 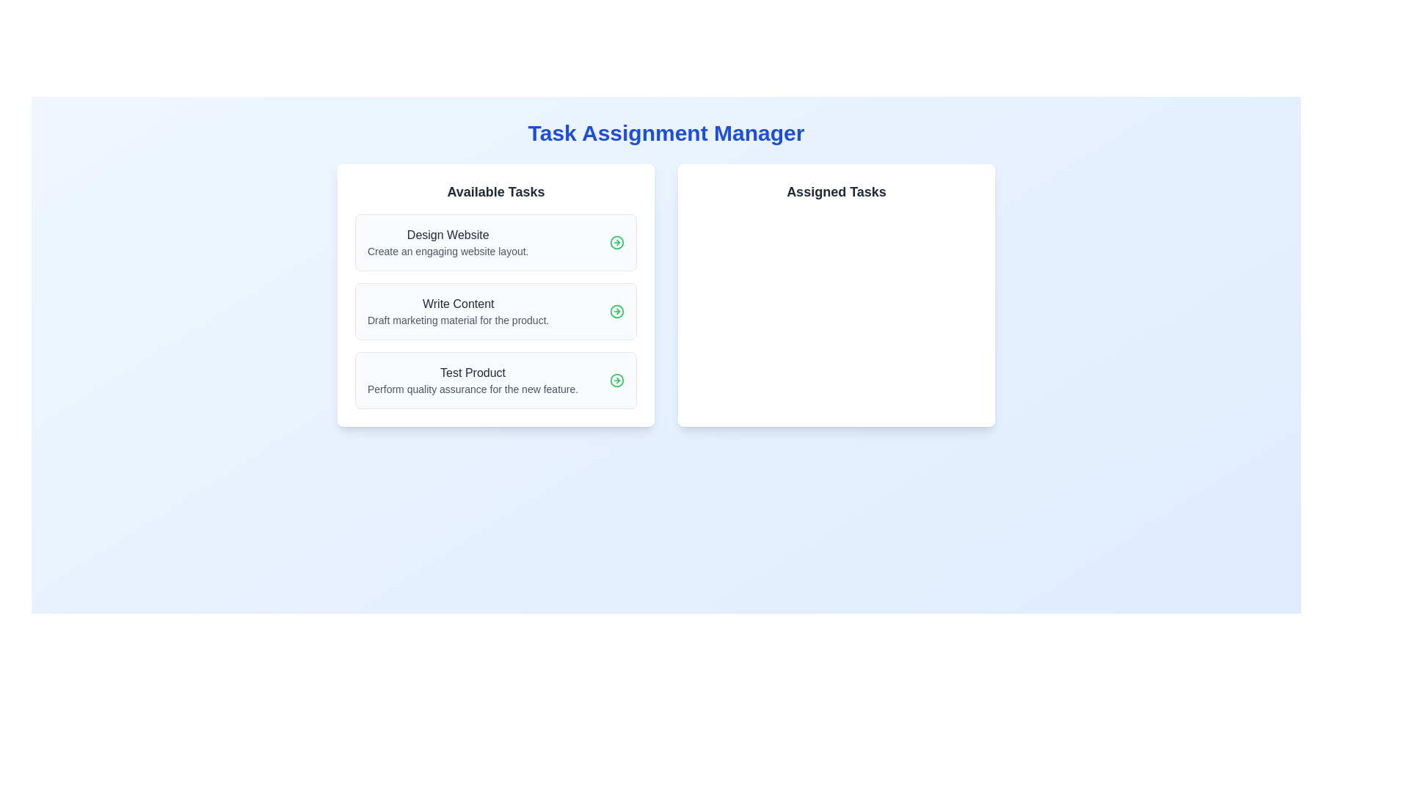 I want to click on the text block displaying 'Test Product', so click(x=473, y=380).